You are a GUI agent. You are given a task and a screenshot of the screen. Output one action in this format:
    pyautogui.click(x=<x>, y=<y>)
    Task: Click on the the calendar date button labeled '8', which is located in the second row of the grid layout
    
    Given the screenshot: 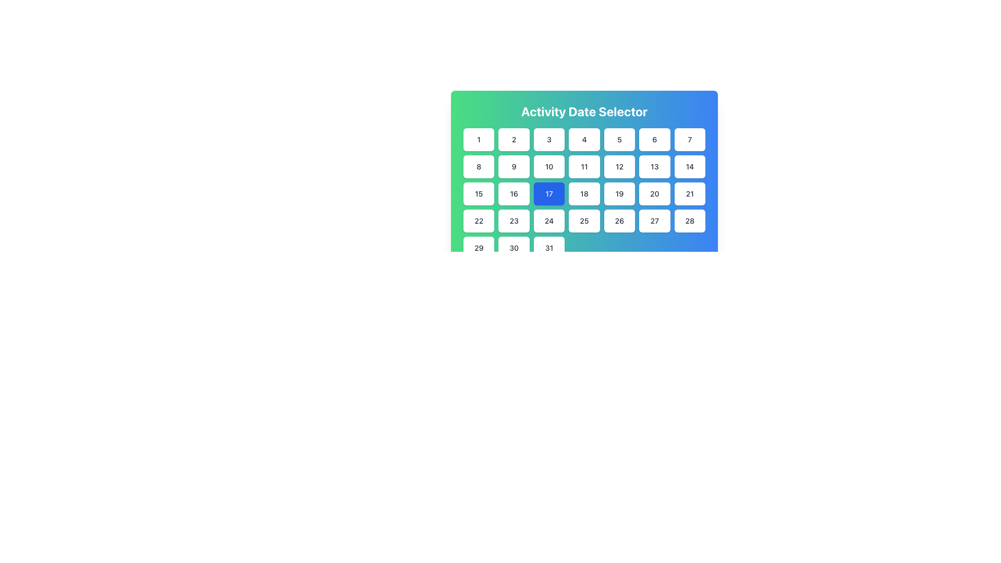 What is the action you would take?
    pyautogui.click(x=478, y=166)
    